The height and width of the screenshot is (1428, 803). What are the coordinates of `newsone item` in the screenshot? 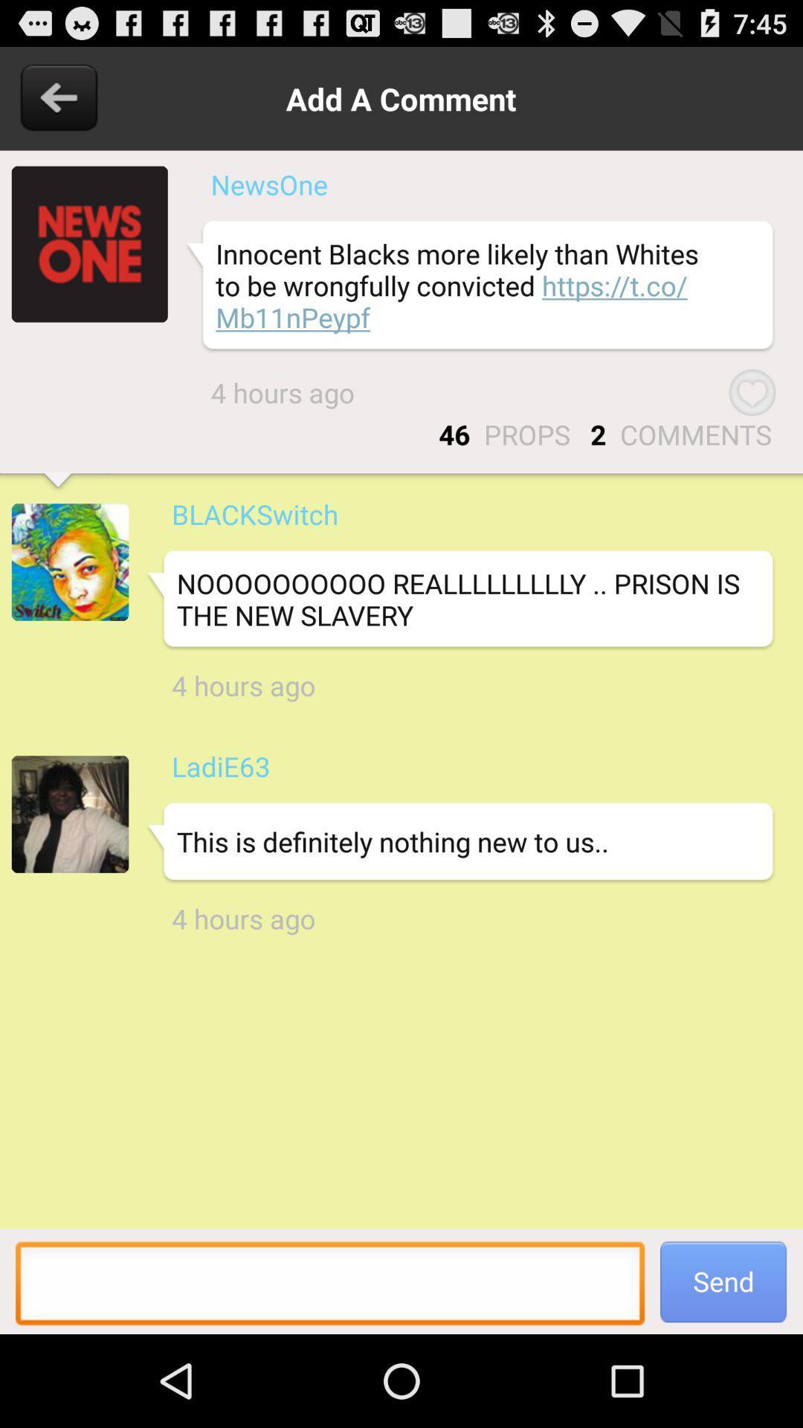 It's located at (269, 184).